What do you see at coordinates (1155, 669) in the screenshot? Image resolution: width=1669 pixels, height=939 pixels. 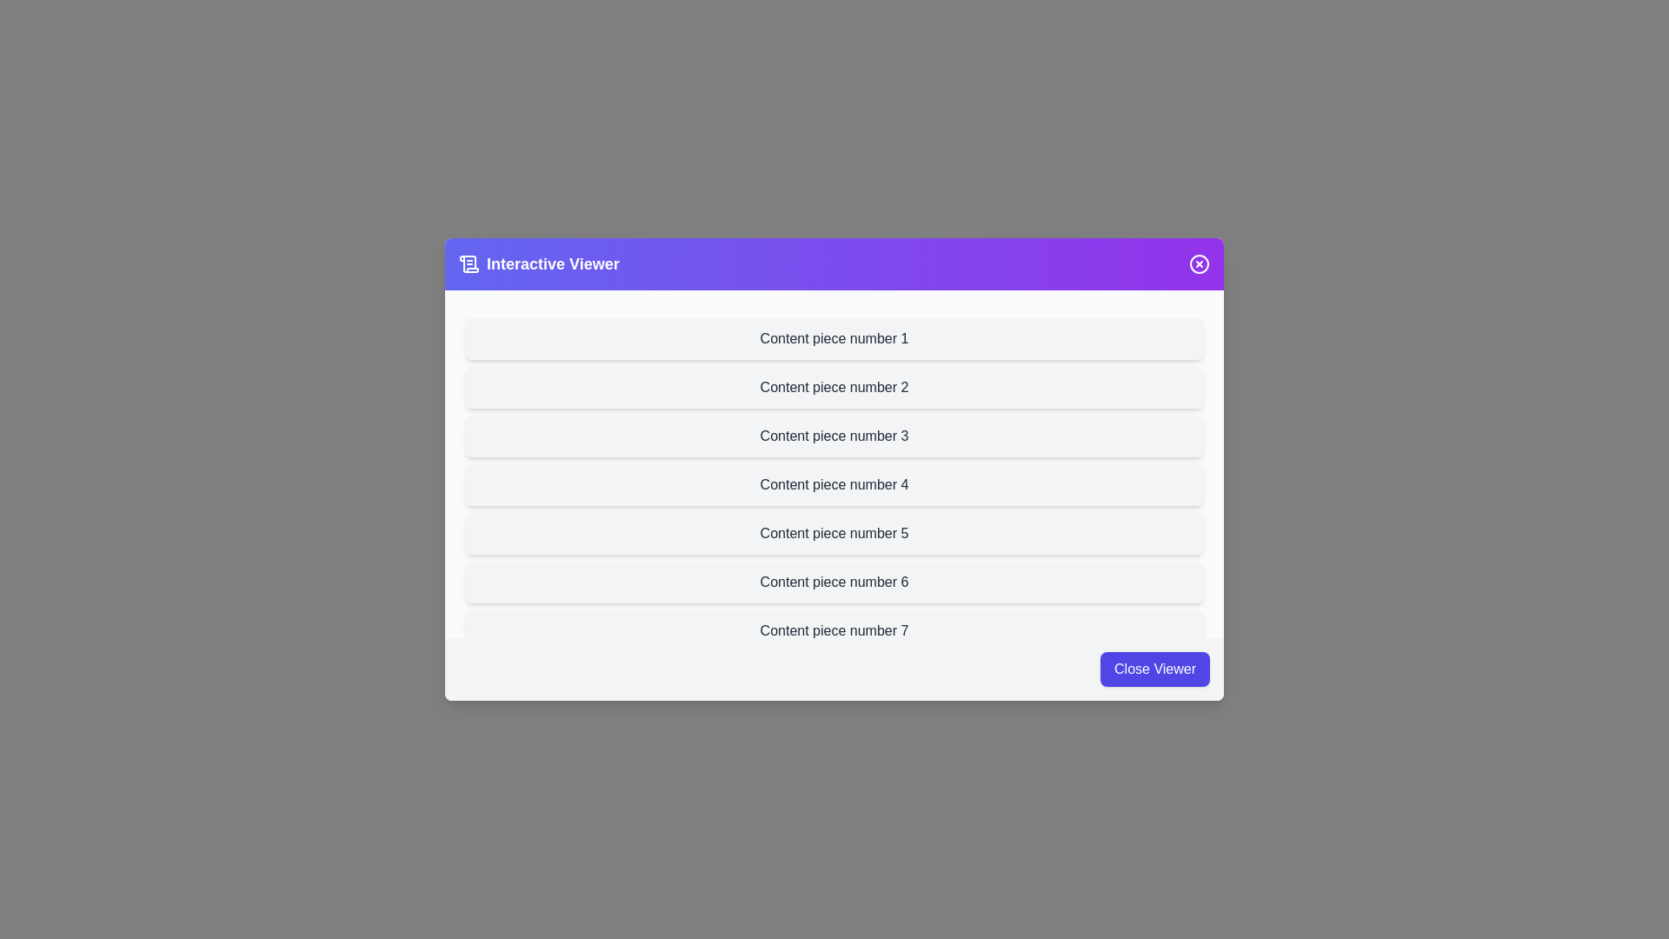 I see `the 'Close Viewer' button in the footer to dismiss the viewer` at bounding box center [1155, 669].